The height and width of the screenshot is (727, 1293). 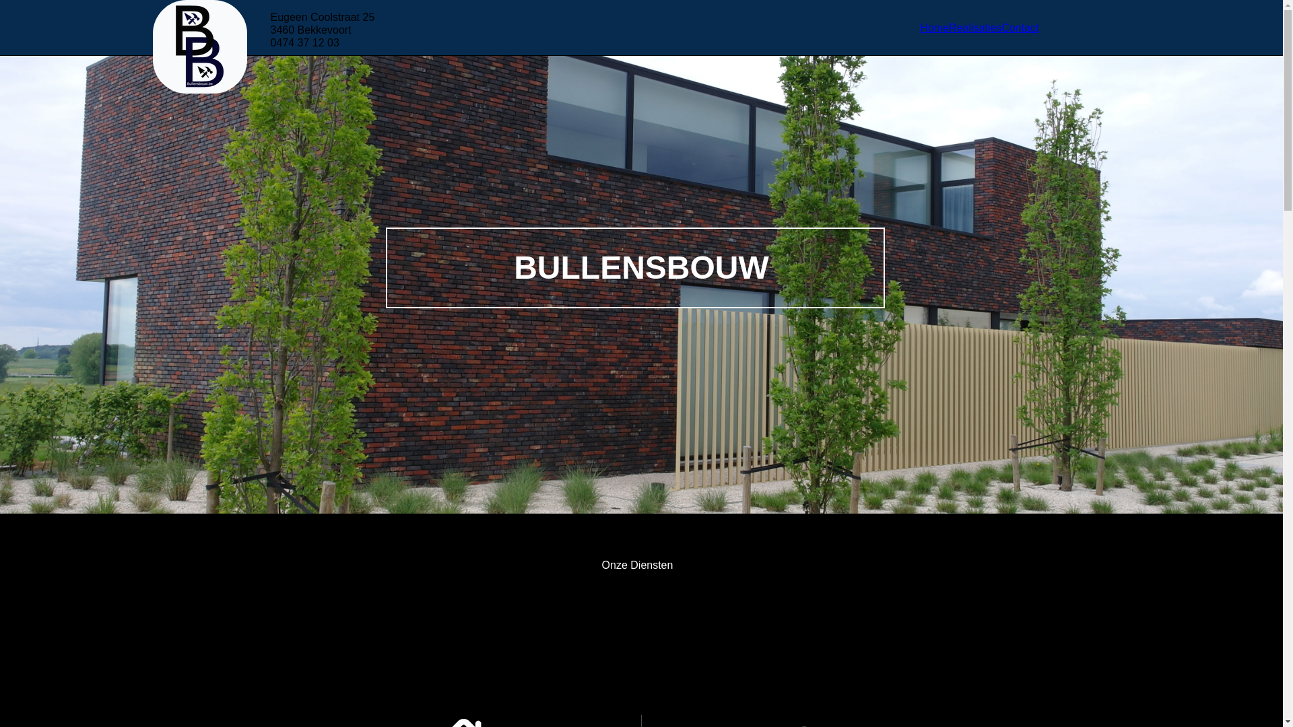 I want to click on 'Realisaties', so click(x=975, y=28).